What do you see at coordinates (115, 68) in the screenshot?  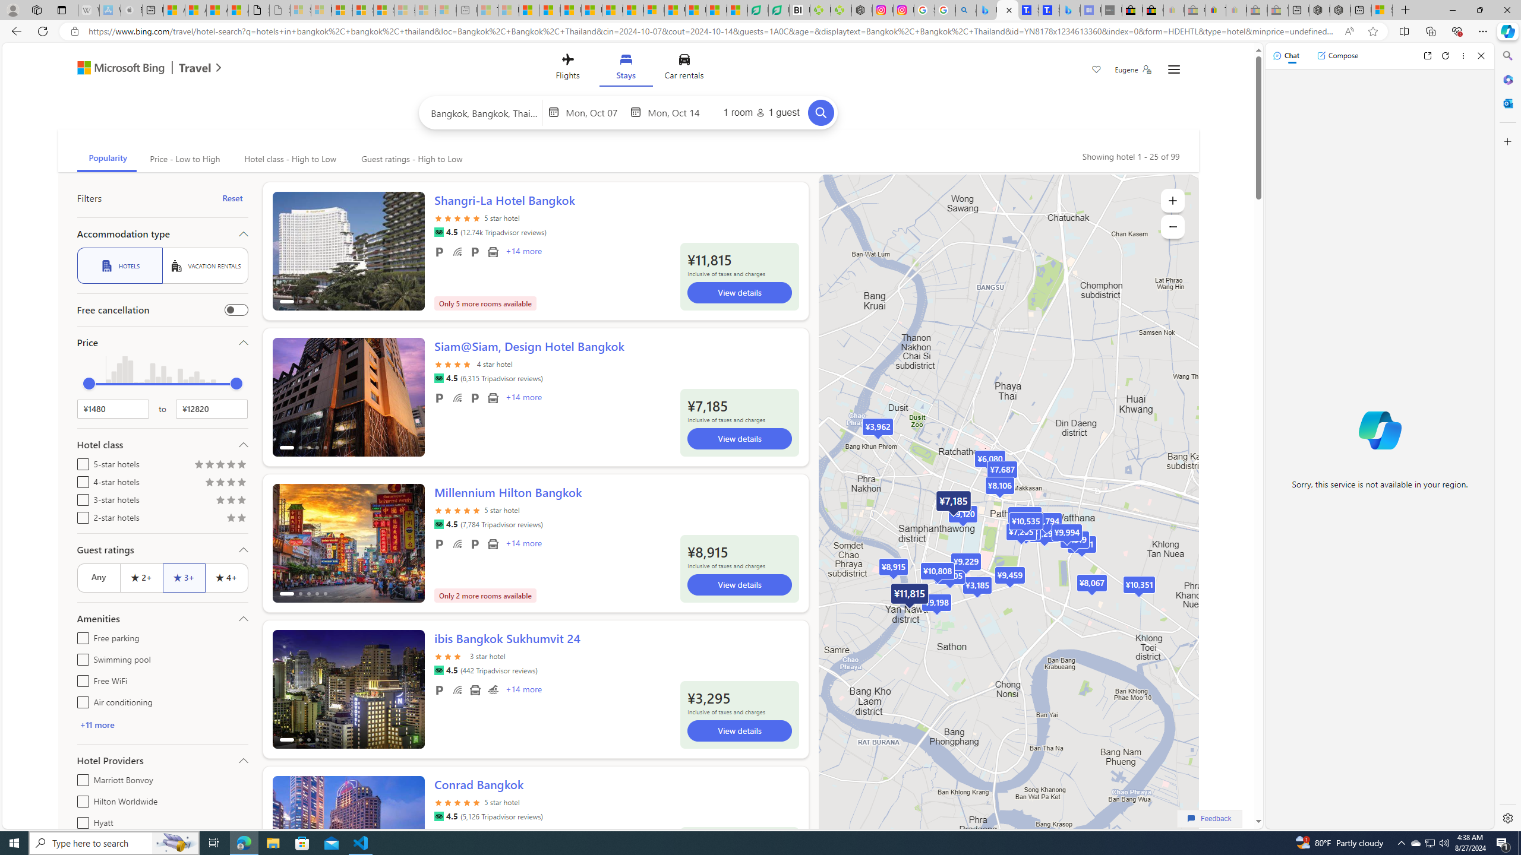 I see `'Microsoft Bing'` at bounding box center [115, 68].